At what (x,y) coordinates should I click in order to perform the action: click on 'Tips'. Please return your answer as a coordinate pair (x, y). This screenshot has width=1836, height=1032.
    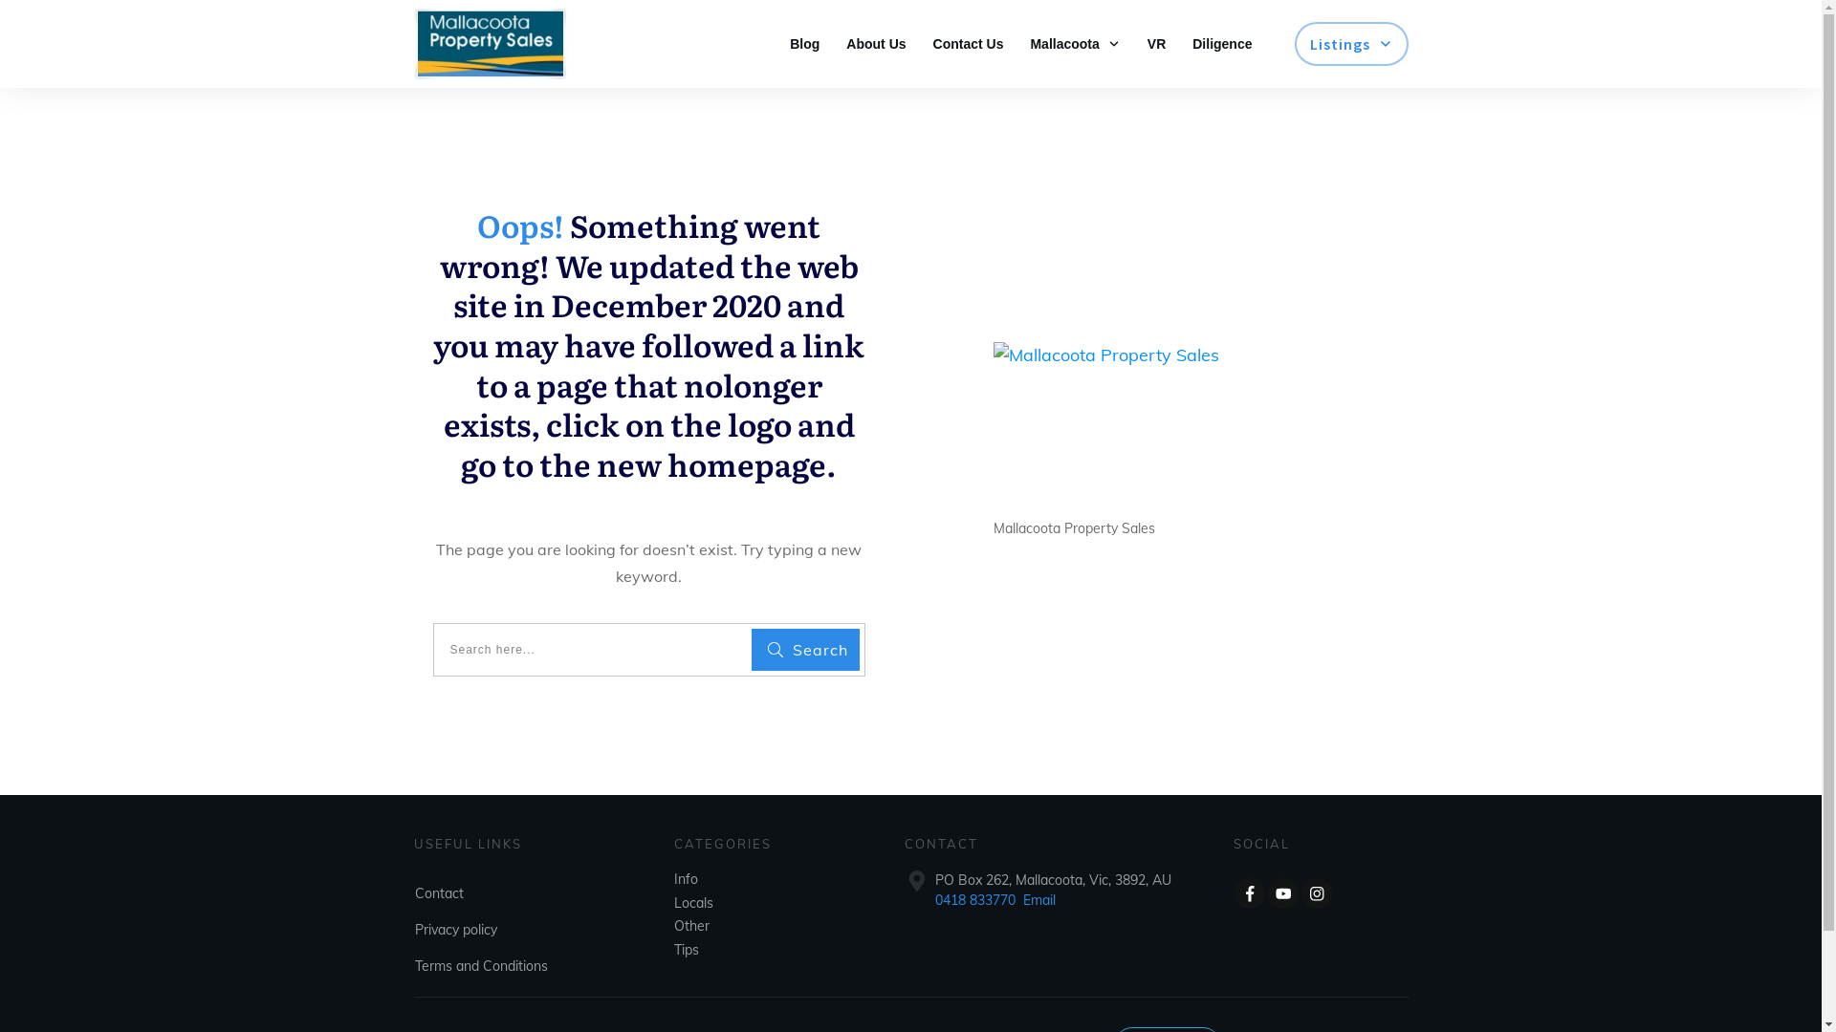
    Looking at the image, I should click on (687, 950).